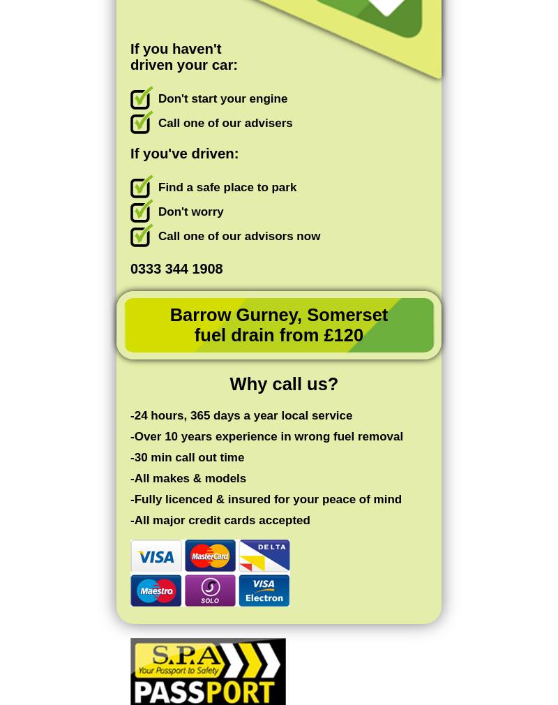 The width and height of the screenshot is (558, 705). What do you see at coordinates (267, 498) in the screenshot?
I see `'Fully licenced & insured for your peace of mind'` at bounding box center [267, 498].